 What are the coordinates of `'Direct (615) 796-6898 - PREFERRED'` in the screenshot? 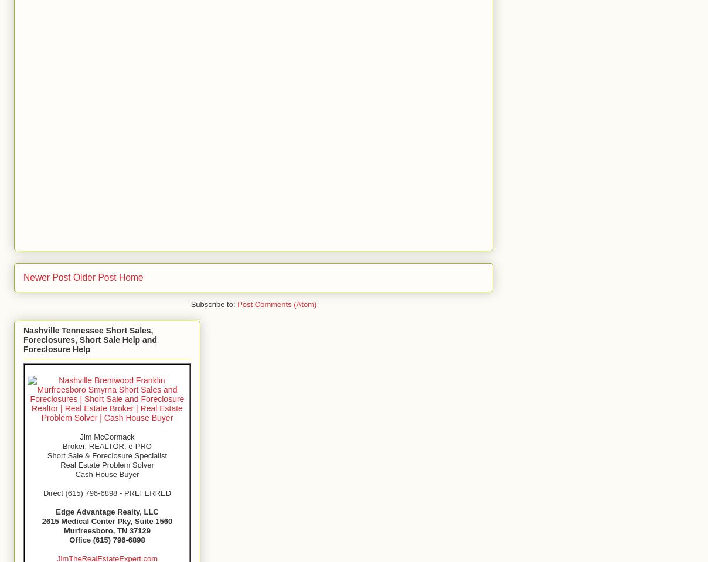 It's located at (107, 492).